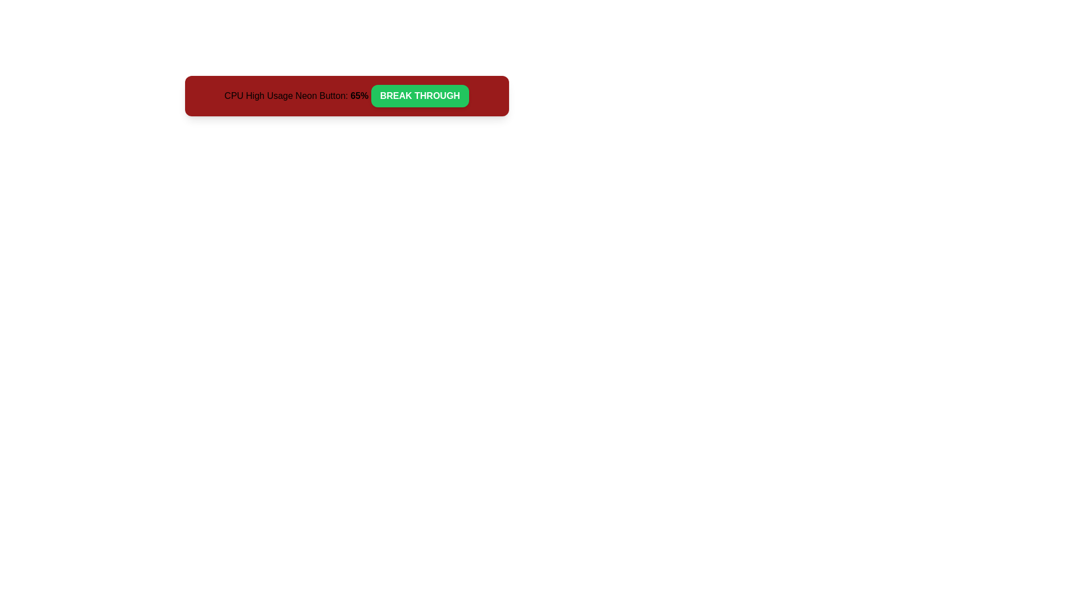 The height and width of the screenshot is (607, 1080). Describe the element at coordinates (419, 95) in the screenshot. I see `the 'BREAK THROUGH' button to toggle the mute state` at that location.